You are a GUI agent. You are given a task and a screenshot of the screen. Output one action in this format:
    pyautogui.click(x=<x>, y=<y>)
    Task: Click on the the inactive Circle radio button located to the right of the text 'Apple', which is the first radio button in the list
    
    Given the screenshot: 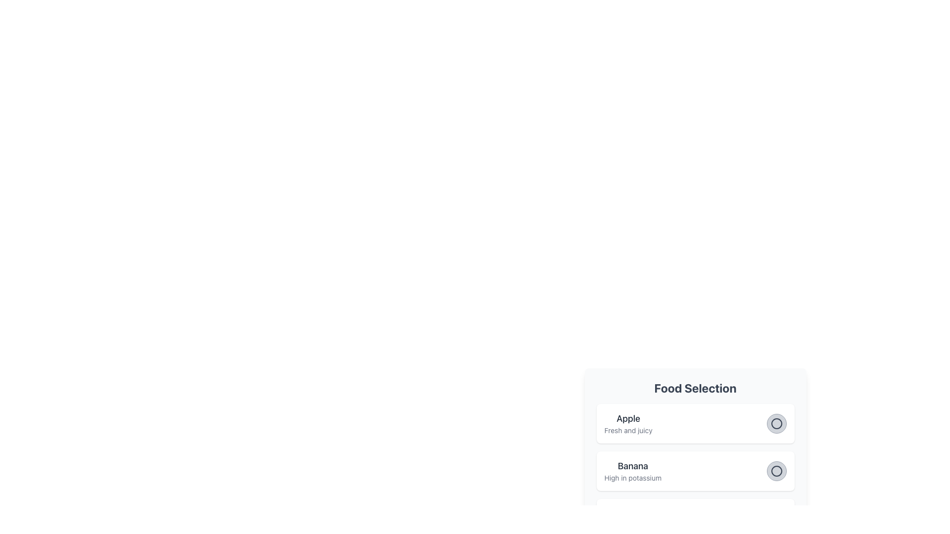 What is the action you would take?
    pyautogui.click(x=776, y=423)
    